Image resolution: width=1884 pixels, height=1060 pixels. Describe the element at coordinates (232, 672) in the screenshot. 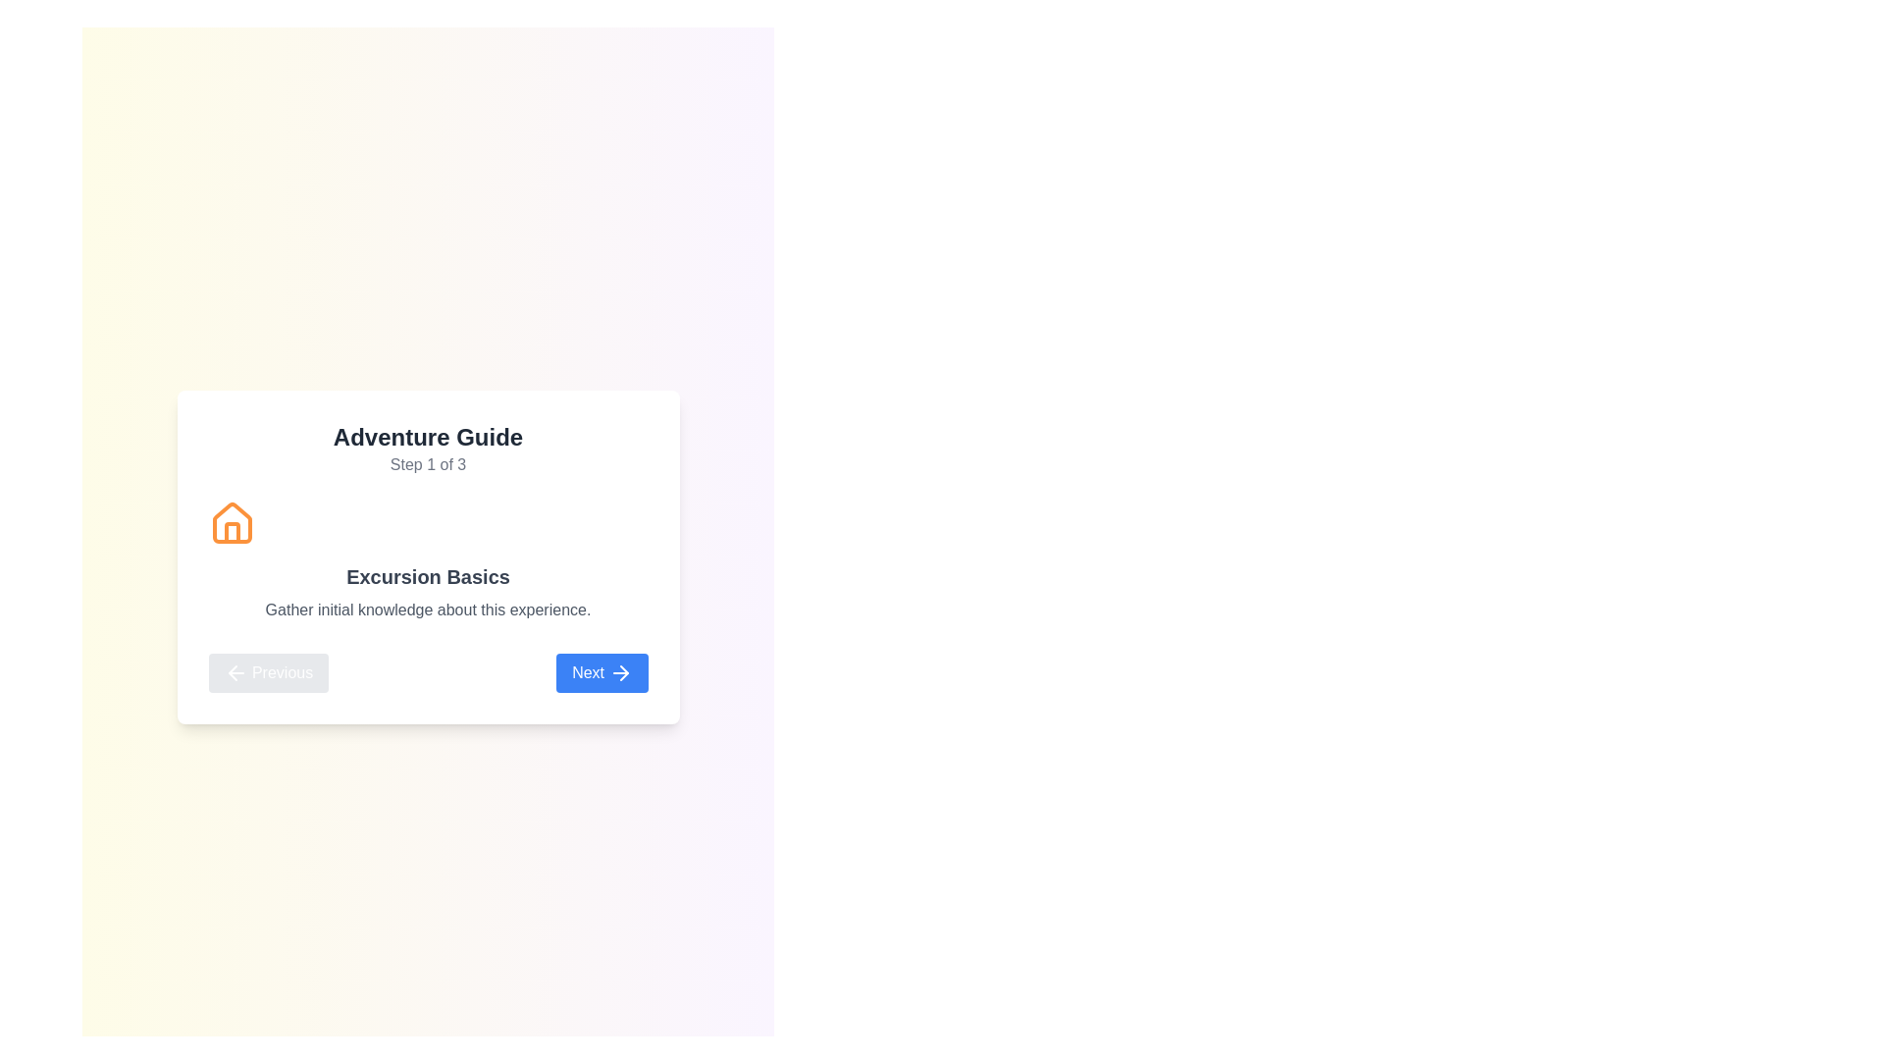

I see `the leftward-pointing arrow graphic, which represents a return or backward action, located in the bottom-left section of the modal window` at that location.